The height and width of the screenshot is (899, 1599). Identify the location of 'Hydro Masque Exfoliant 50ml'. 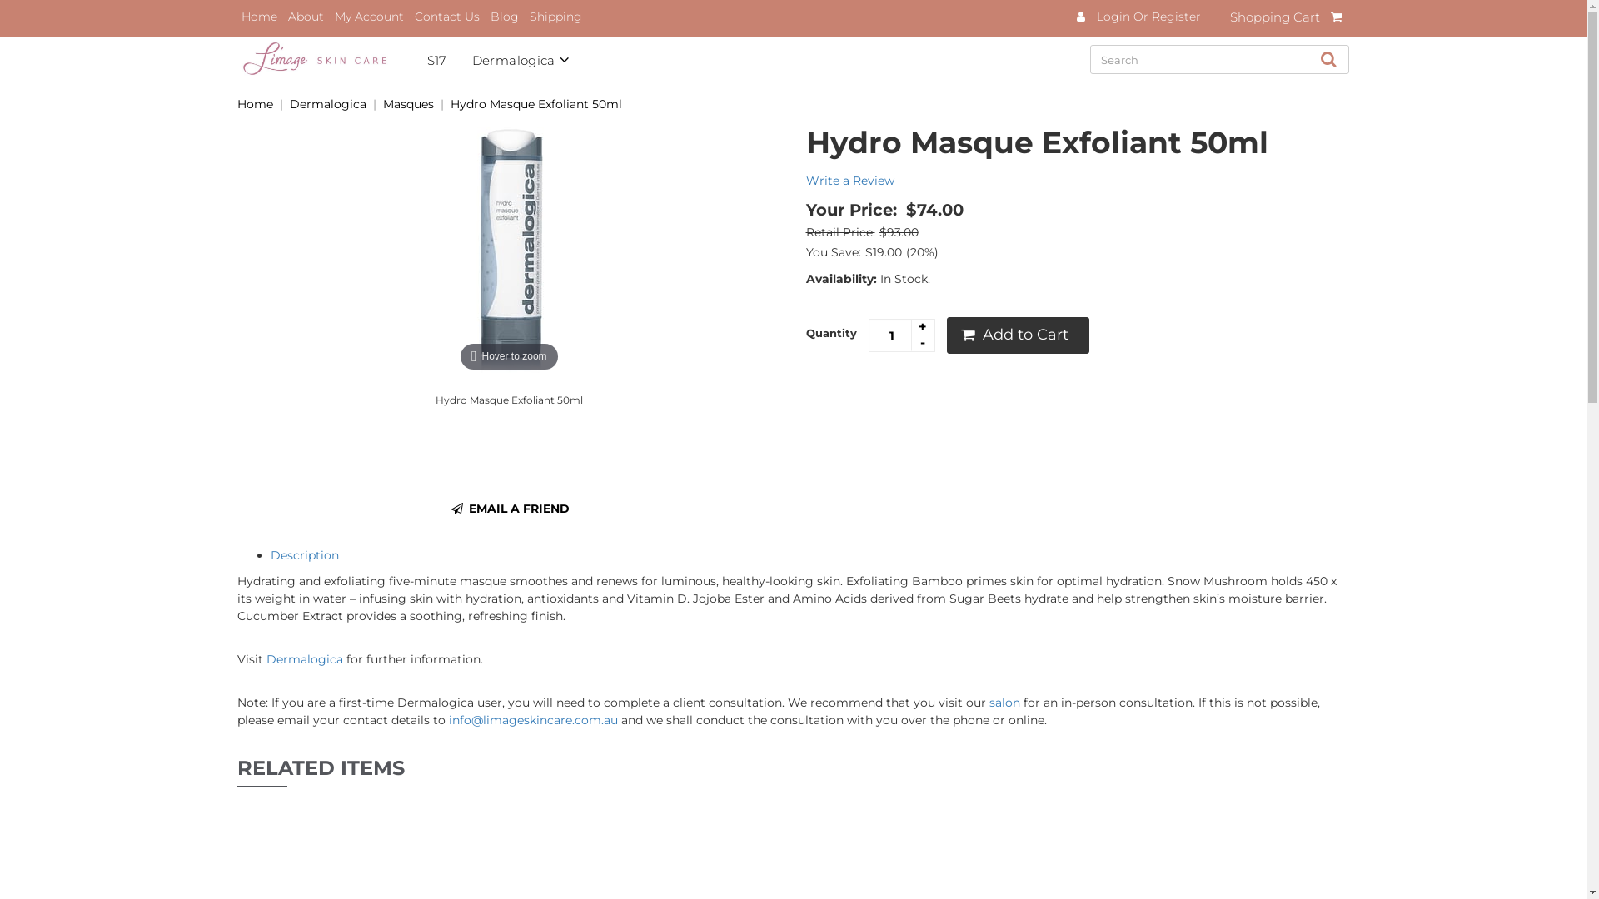
(535, 103).